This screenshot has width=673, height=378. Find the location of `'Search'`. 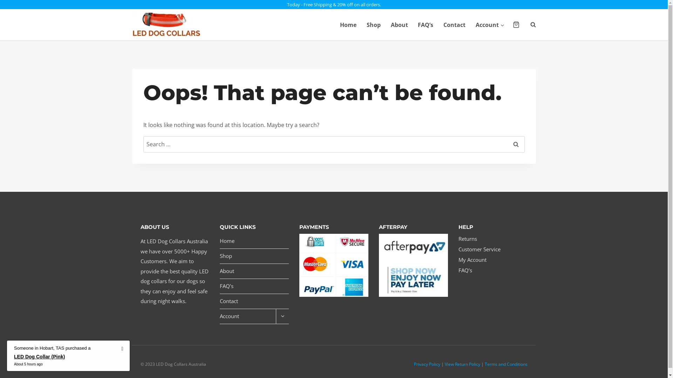

'Search' is located at coordinates (507, 144).